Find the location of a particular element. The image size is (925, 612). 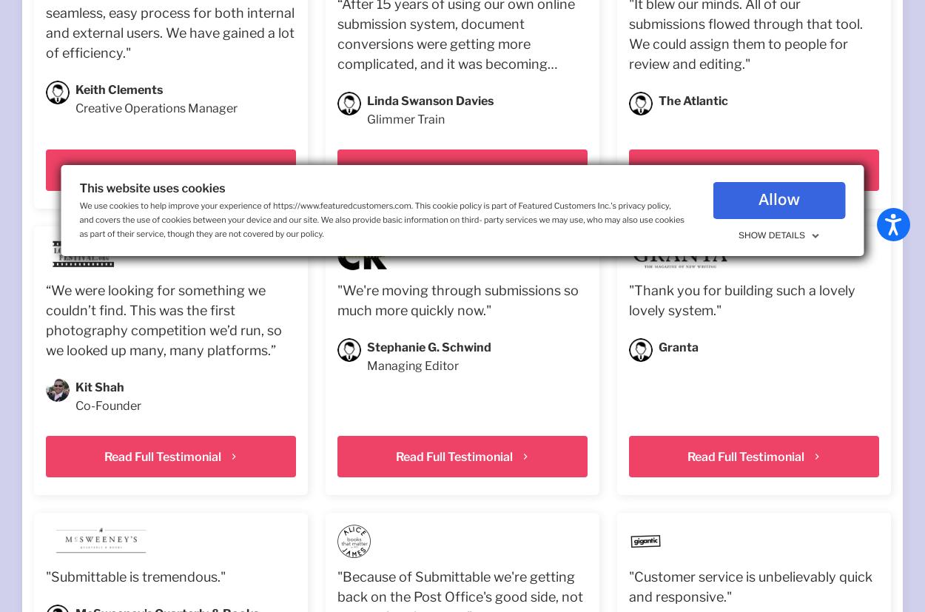

'Keith Clements' is located at coordinates (119, 89).